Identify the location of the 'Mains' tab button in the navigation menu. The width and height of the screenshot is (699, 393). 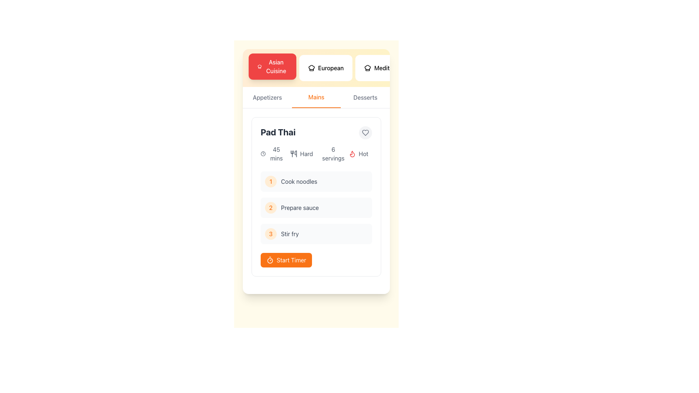
(316, 97).